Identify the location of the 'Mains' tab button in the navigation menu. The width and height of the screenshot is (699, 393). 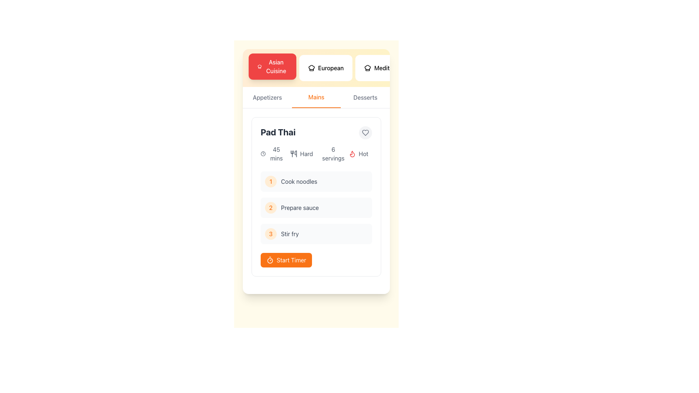
(316, 97).